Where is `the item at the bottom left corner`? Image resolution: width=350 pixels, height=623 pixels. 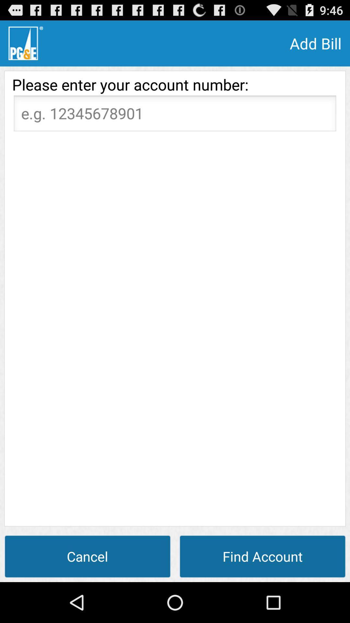
the item at the bottom left corner is located at coordinates (87, 556).